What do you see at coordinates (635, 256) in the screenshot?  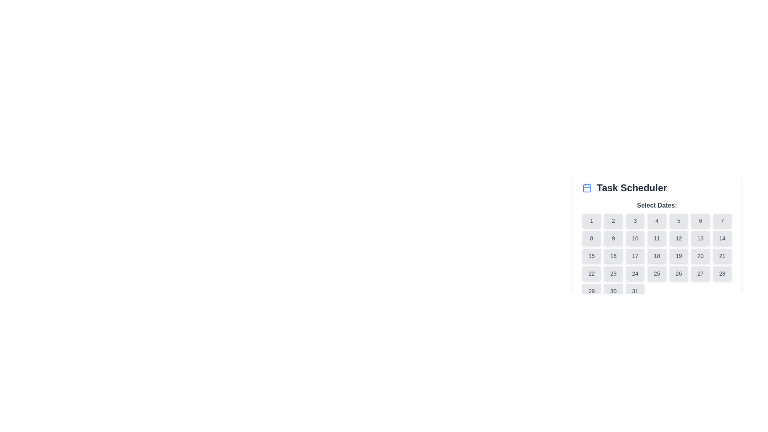 I see `the button located in the third row and third column of the calendar grid under the 'Task Scheduler' section` at bounding box center [635, 256].